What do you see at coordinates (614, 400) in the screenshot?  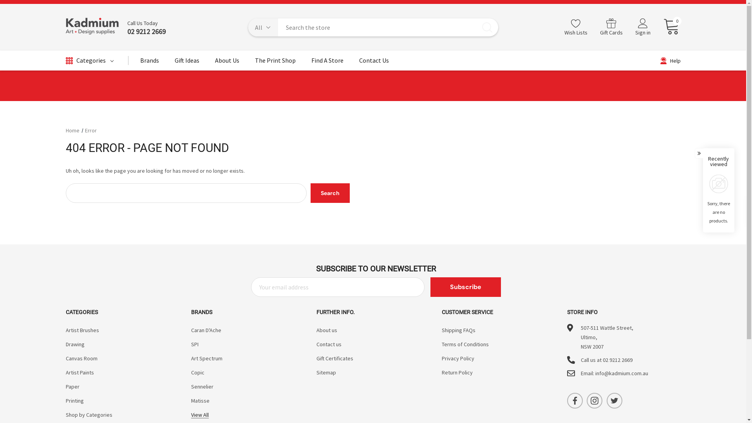 I see `'Open Twitter in a new tab'` at bounding box center [614, 400].